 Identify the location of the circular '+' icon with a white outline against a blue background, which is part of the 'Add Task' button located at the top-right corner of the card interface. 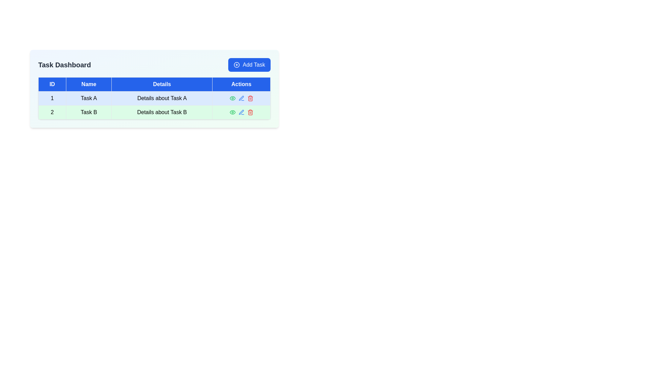
(237, 65).